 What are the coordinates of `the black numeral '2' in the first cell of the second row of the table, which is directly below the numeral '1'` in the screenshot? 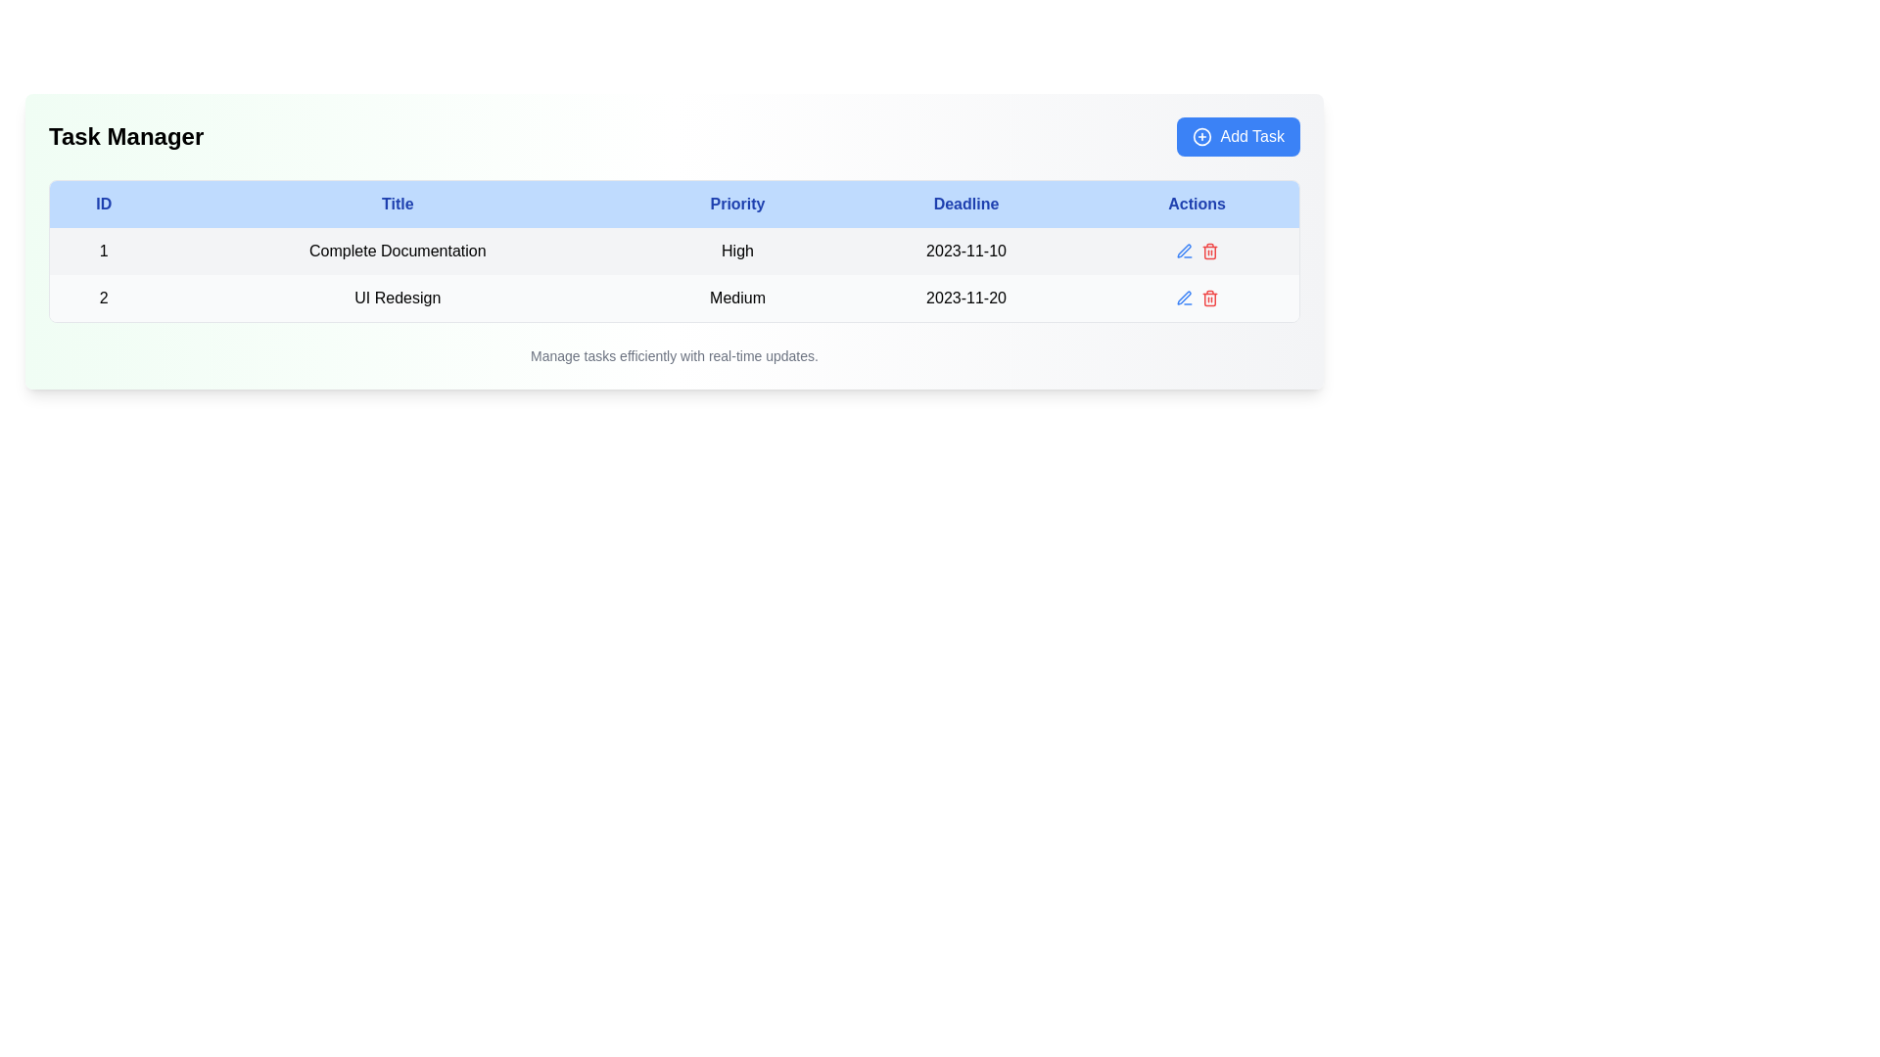 It's located at (103, 298).